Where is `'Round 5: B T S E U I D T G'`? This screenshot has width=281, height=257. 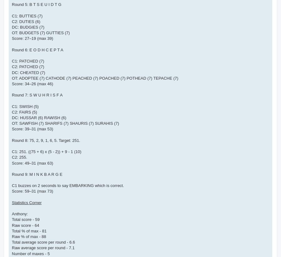 'Round 5: B T S E U I D T G' is located at coordinates (37, 4).